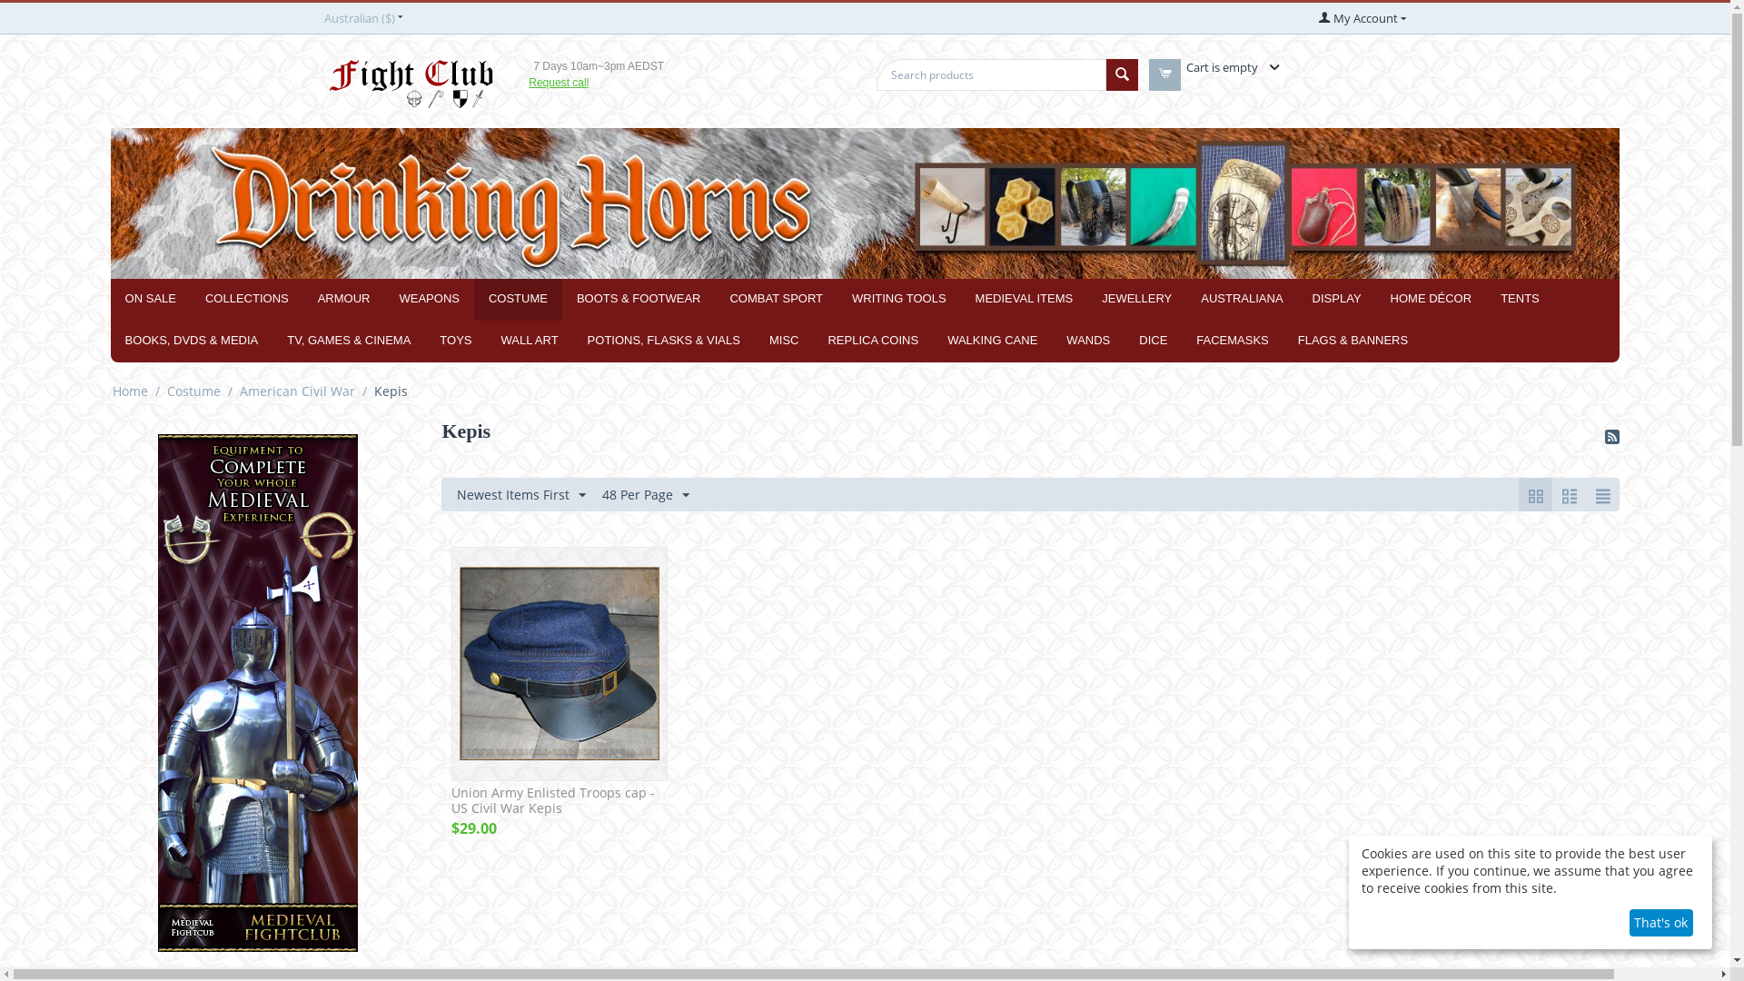 The height and width of the screenshot is (981, 1744). Describe the element at coordinates (1337, 299) in the screenshot. I see `'DISPLAY'` at that location.